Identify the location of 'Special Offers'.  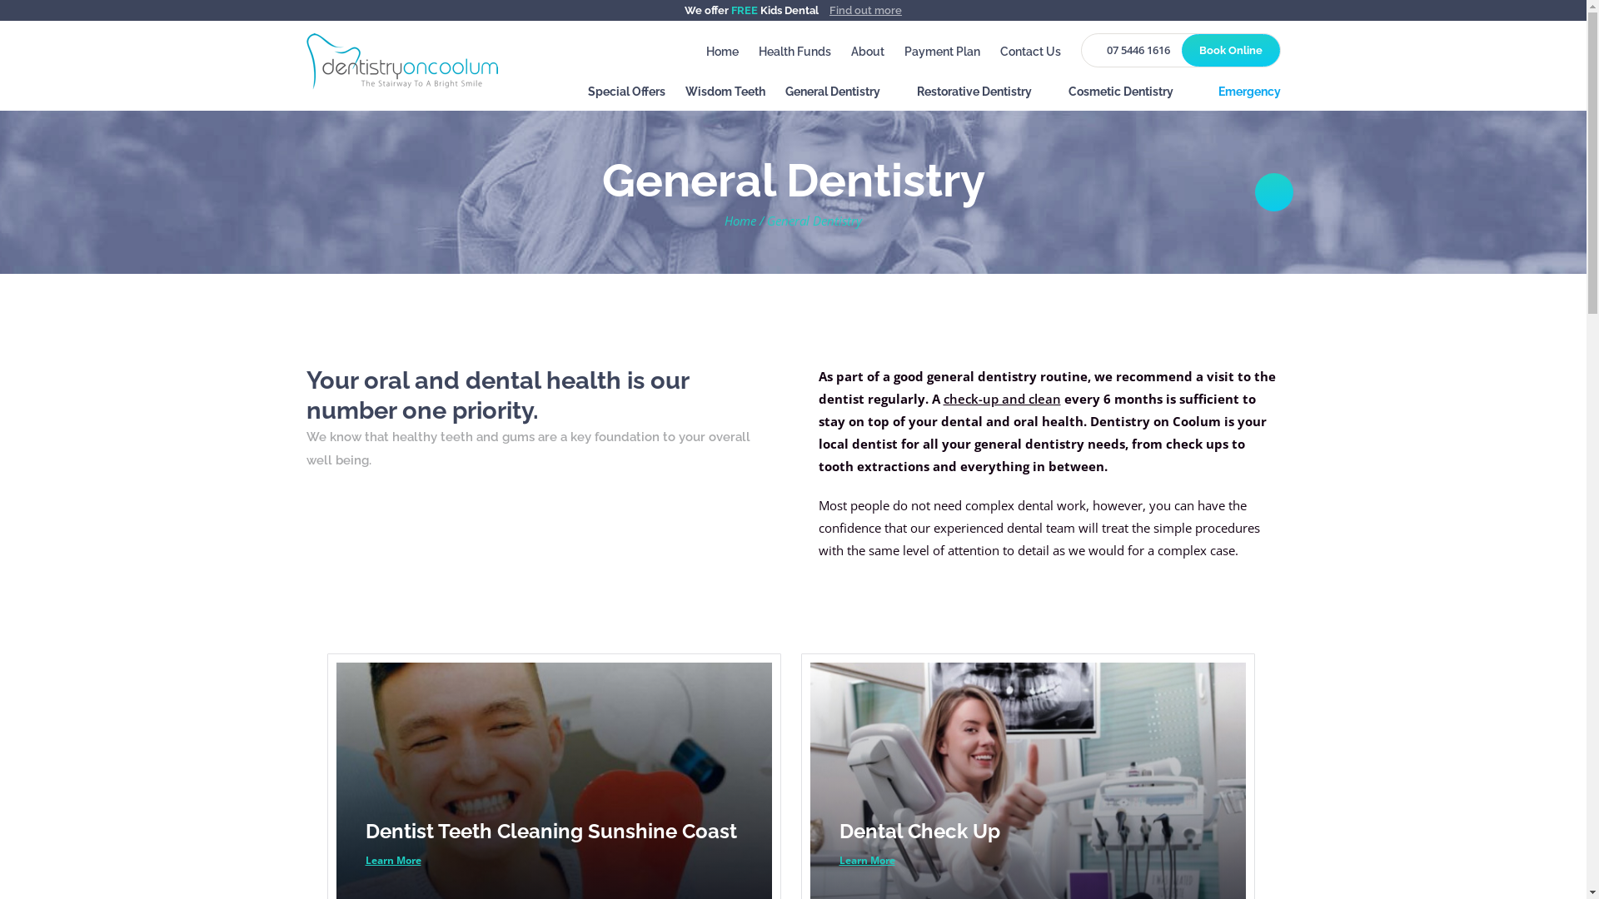
(625, 96).